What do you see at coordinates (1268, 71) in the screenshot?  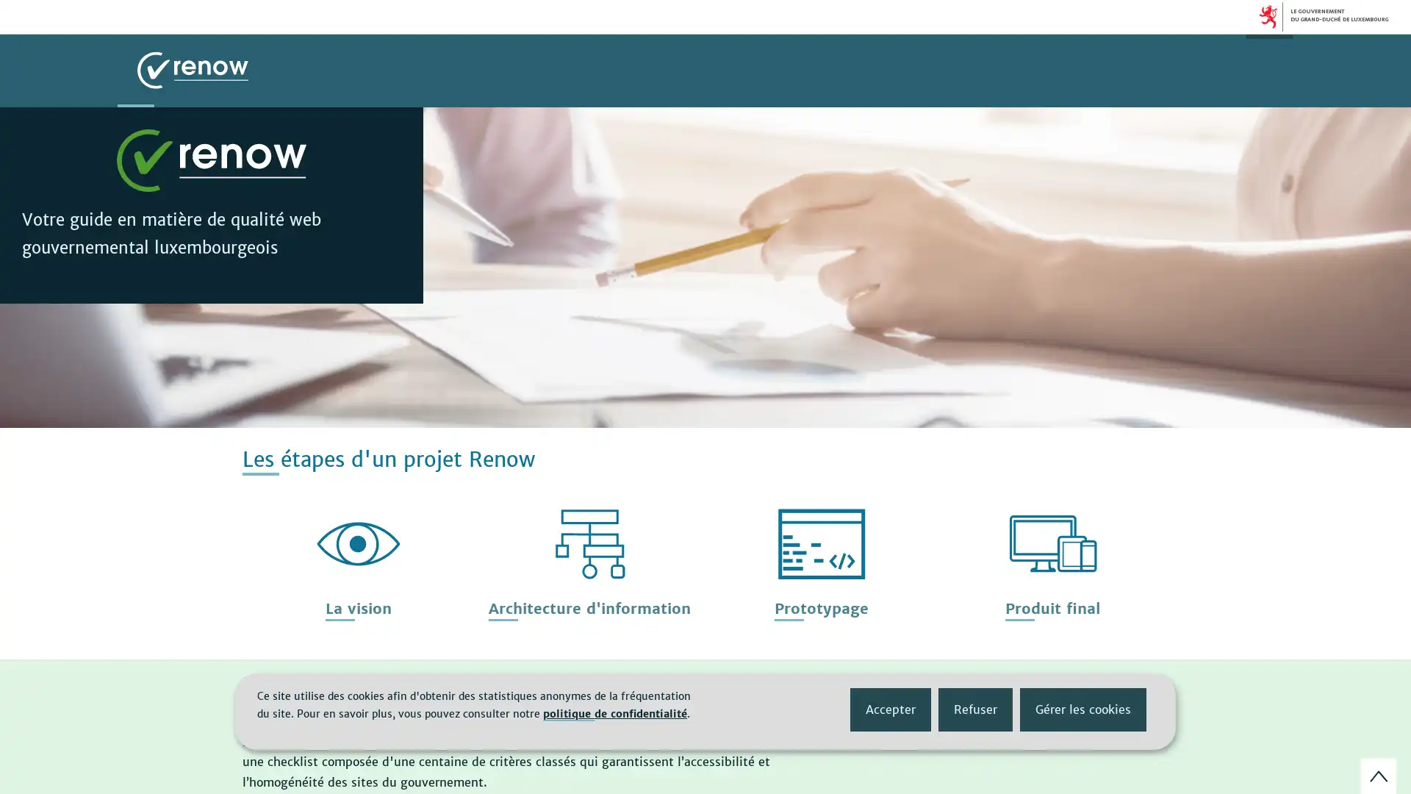 I see `Afficher la recherche` at bounding box center [1268, 71].